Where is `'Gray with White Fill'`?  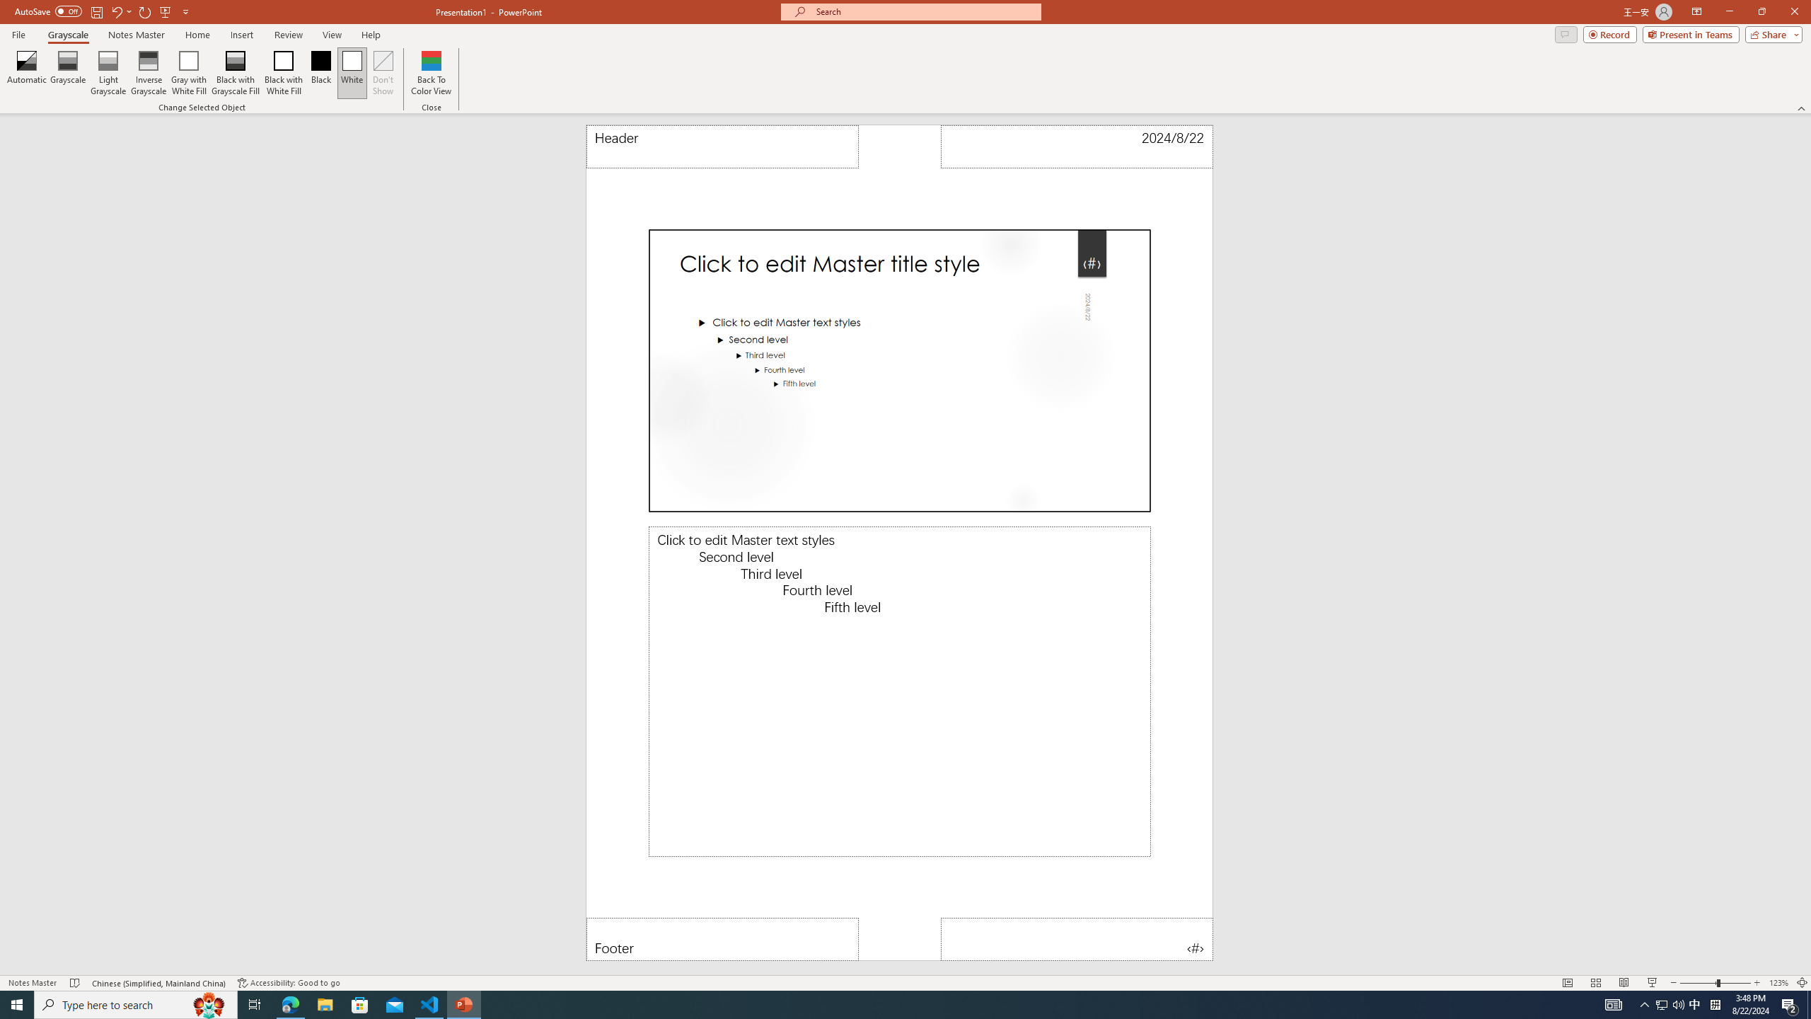
'Gray with White Fill' is located at coordinates (188, 73).